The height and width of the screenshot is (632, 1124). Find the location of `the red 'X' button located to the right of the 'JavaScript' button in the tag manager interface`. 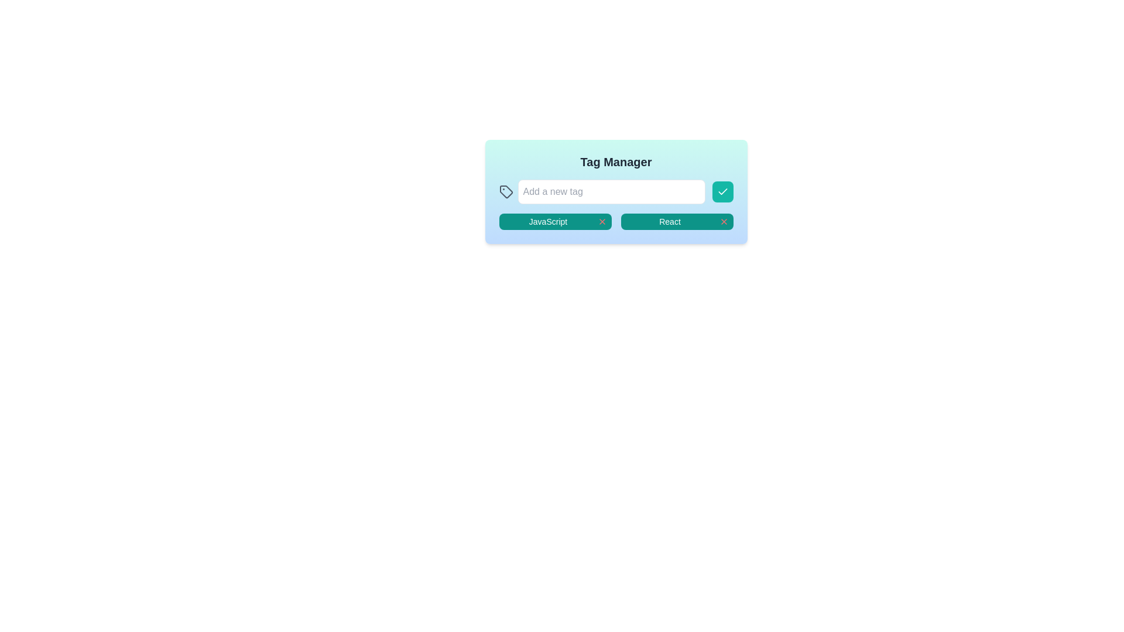

the red 'X' button located to the right of the 'JavaScript' button in the tag manager interface is located at coordinates (602, 221).